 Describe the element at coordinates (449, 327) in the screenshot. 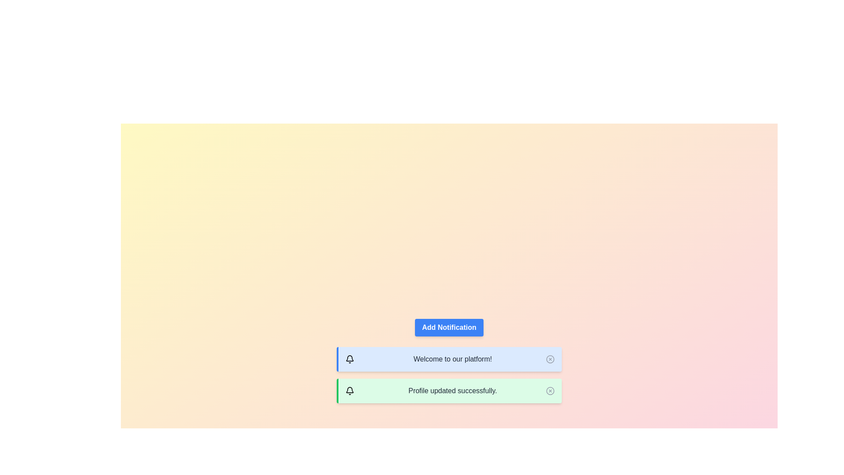

I see `the 'Add Notification' button to add a new notification` at that location.